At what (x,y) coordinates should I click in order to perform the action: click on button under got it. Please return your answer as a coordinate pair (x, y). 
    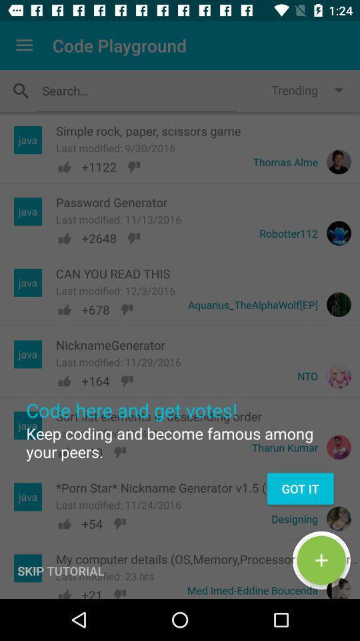
    Looking at the image, I should click on (321, 560).